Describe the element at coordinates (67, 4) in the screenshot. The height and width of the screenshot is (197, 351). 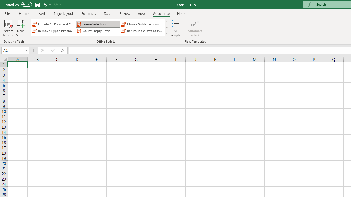
I see `'Customize Quick Access Toolbar'` at that location.